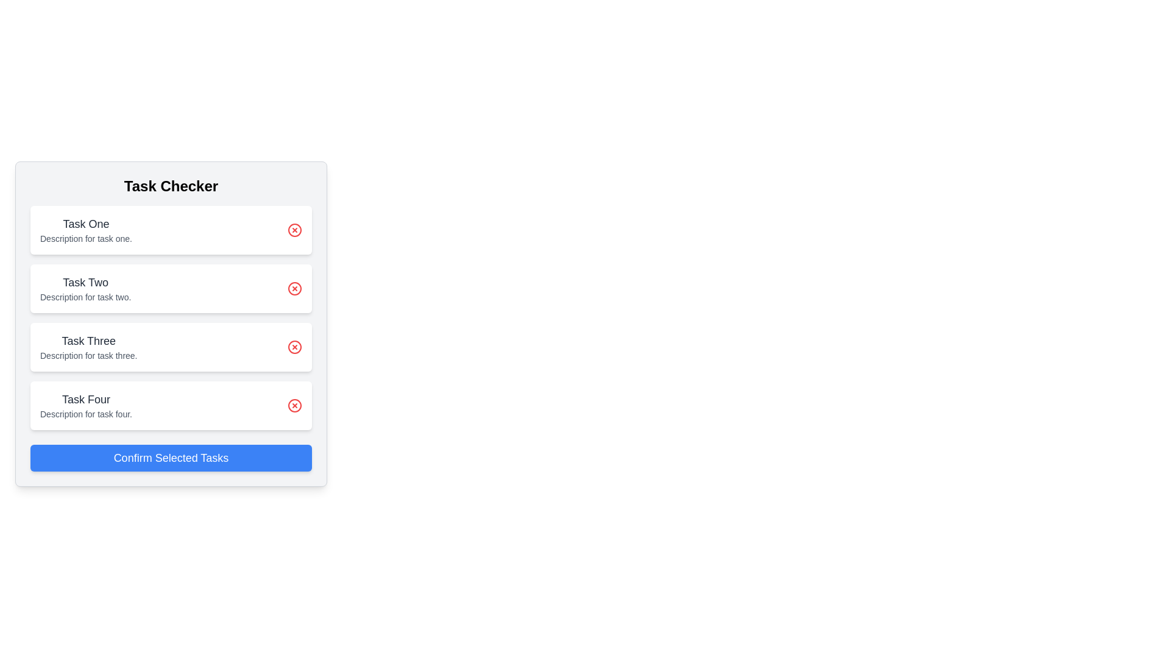 The image size is (1170, 658). What do you see at coordinates (85, 399) in the screenshot?
I see `the title text element located in the fourth task card, which is positioned above the text 'Description for task four.' and aligned to the left` at bounding box center [85, 399].